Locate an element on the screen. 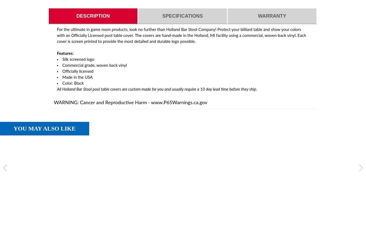  'Commercial grade, woven back vinyl' is located at coordinates (94, 65).